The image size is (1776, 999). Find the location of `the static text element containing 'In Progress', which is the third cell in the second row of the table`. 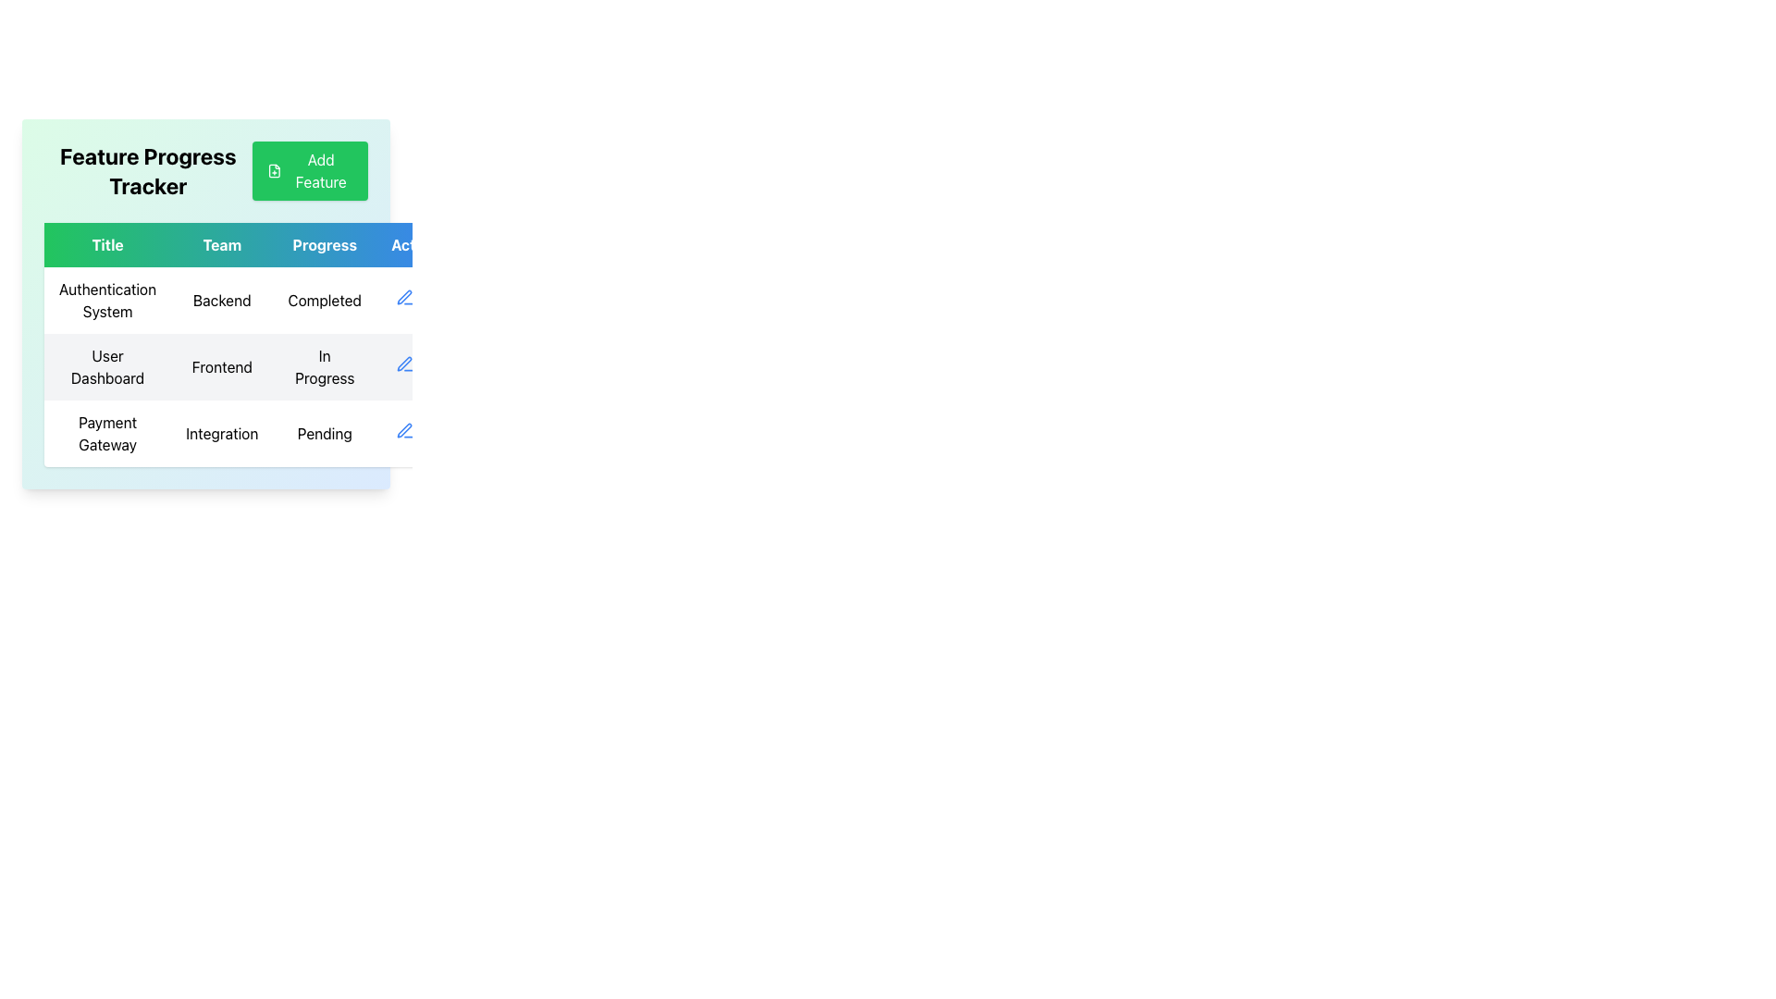

the static text element containing 'In Progress', which is the third cell in the second row of the table is located at coordinates (325, 367).